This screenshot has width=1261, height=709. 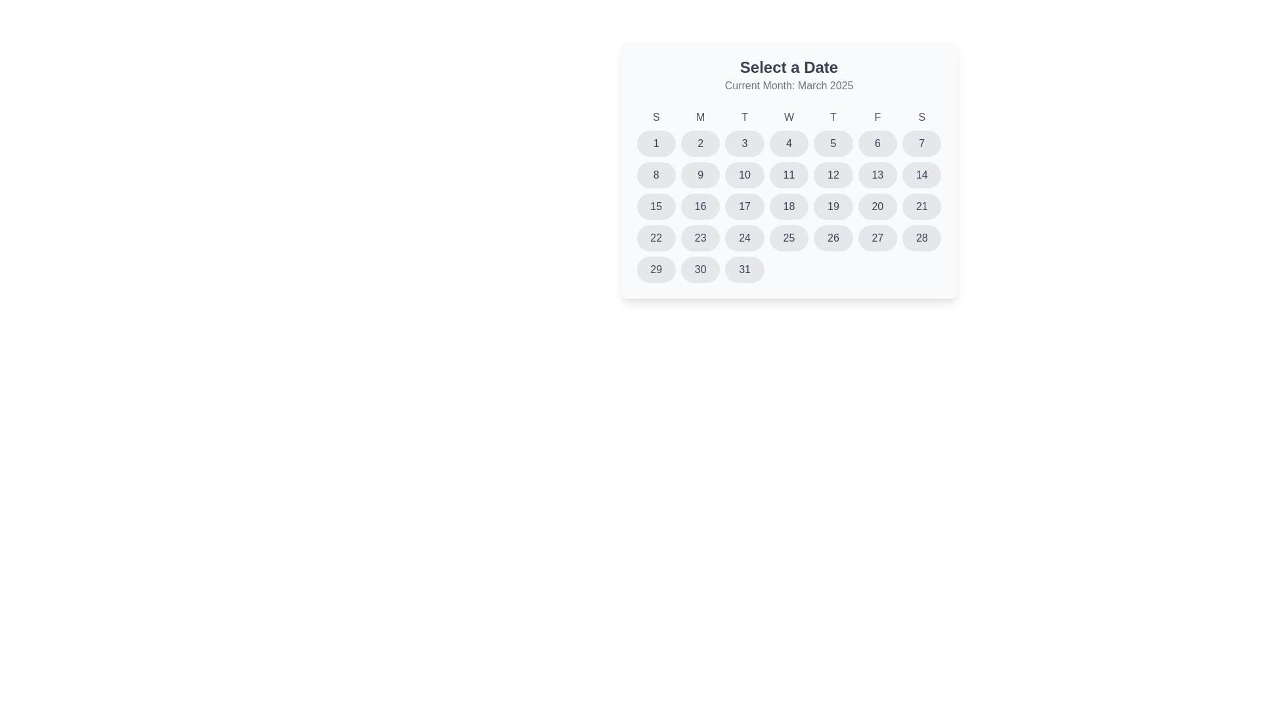 What do you see at coordinates (877, 144) in the screenshot?
I see `the circular button with the number '6' in dark gray font, which is located in the first row of the calendar grid under the 'F' label for Friday` at bounding box center [877, 144].